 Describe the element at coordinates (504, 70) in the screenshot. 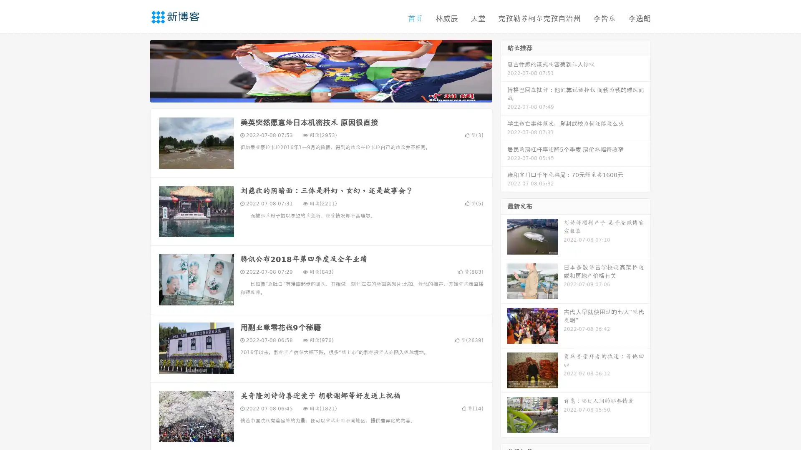

I see `Next slide` at that location.